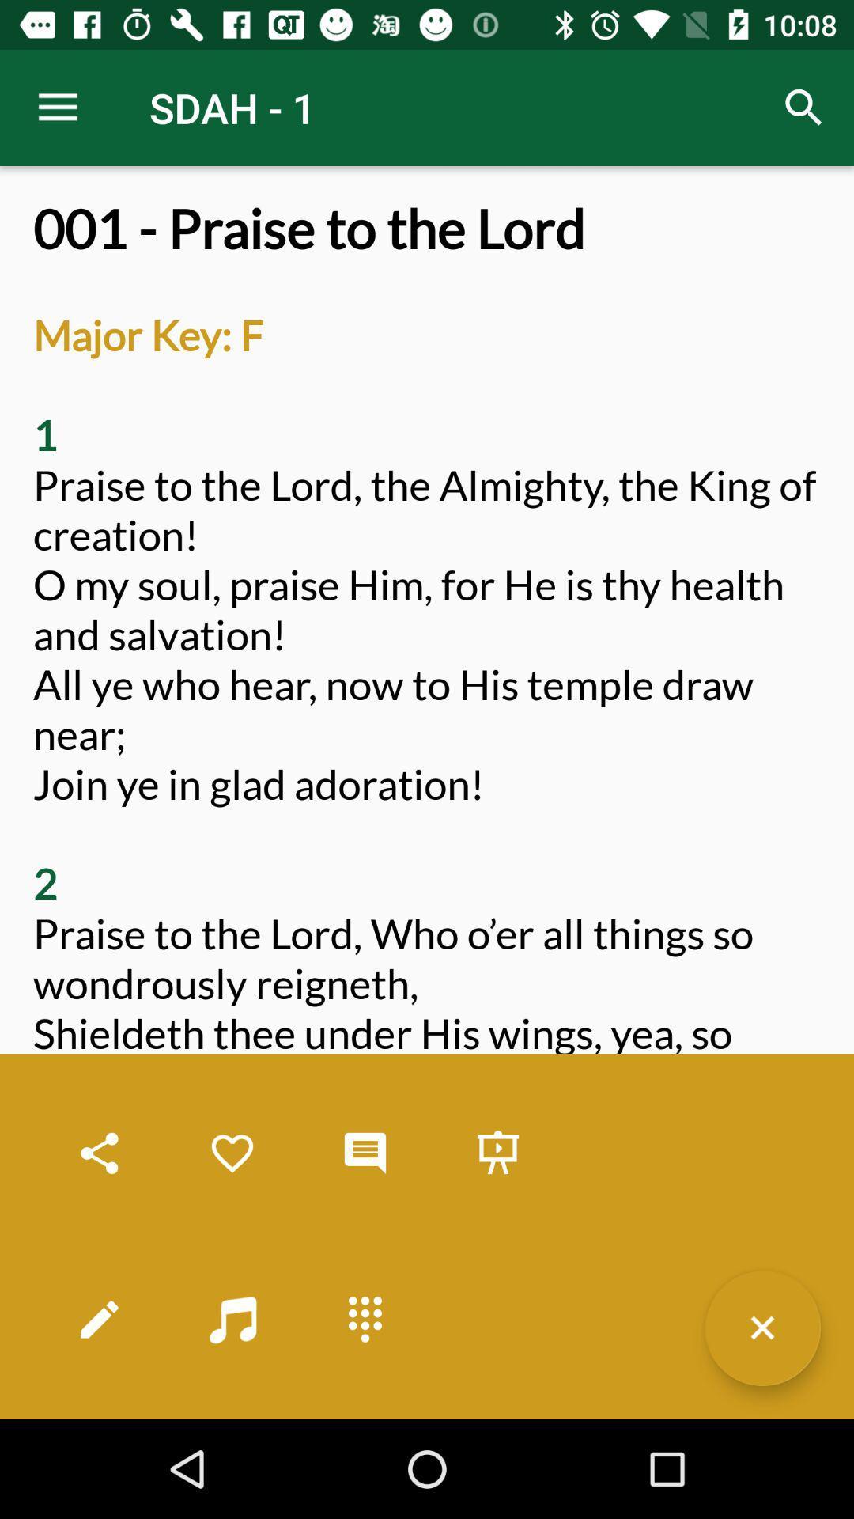 This screenshot has width=854, height=1519. Describe the element at coordinates (232, 1319) in the screenshot. I see `music` at that location.